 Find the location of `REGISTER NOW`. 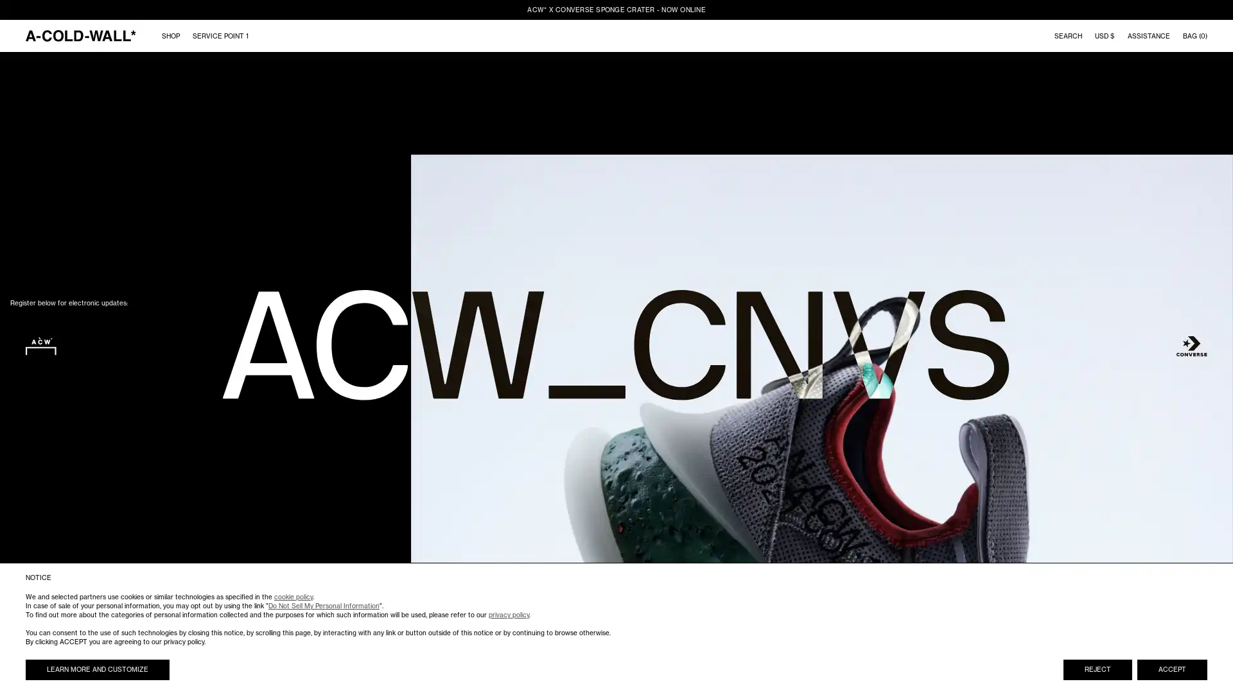

REGISTER NOW is located at coordinates (154, 451).